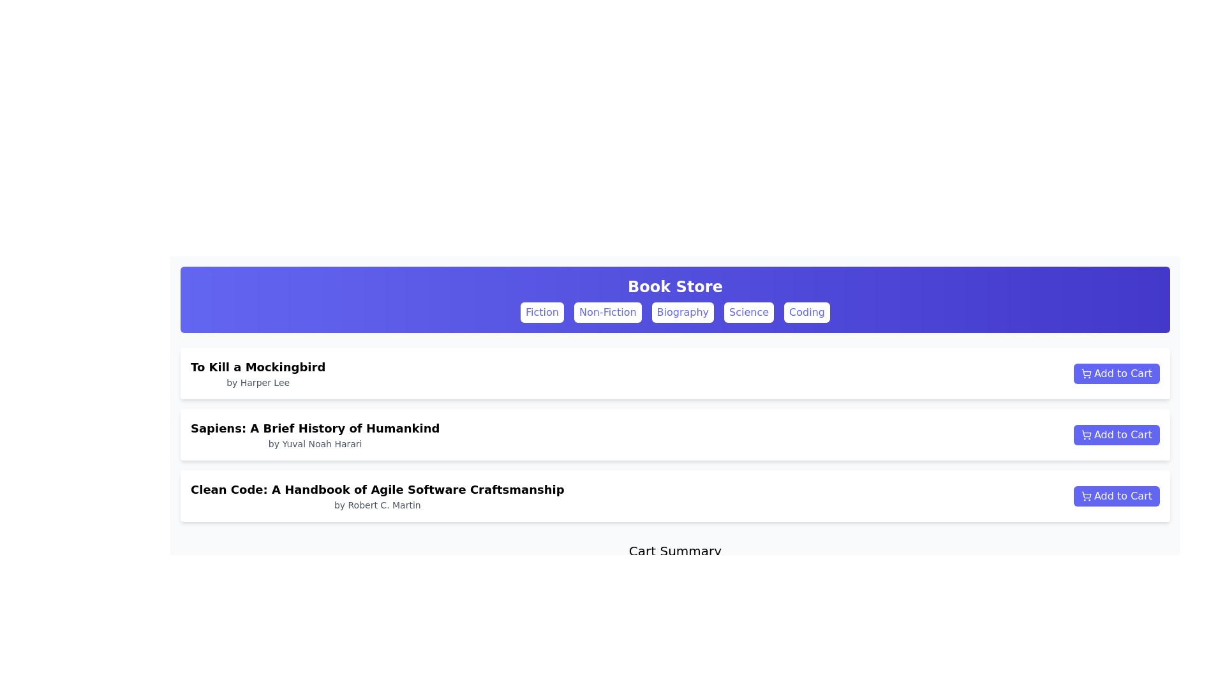 The image size is (1225, 689). Describe the element at coordinates (607, 312) in the screenshot. I see `the 'Non-Fiction' category button located underneath the 'Book Store' title and to the right of the 'Fiction' button` at that location.